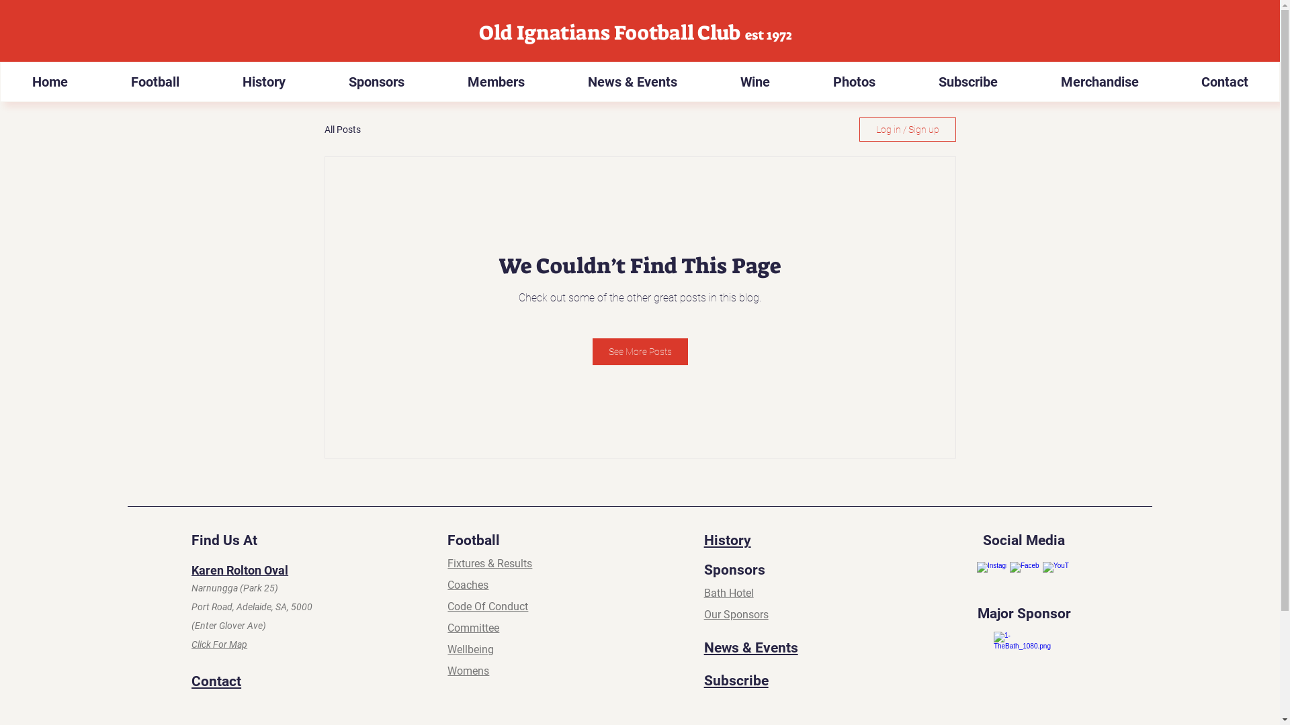 Image resolution: width=1290 pixels, height=725 pixels. I want to click on 'Fixtures & Results', so click(489, 563).